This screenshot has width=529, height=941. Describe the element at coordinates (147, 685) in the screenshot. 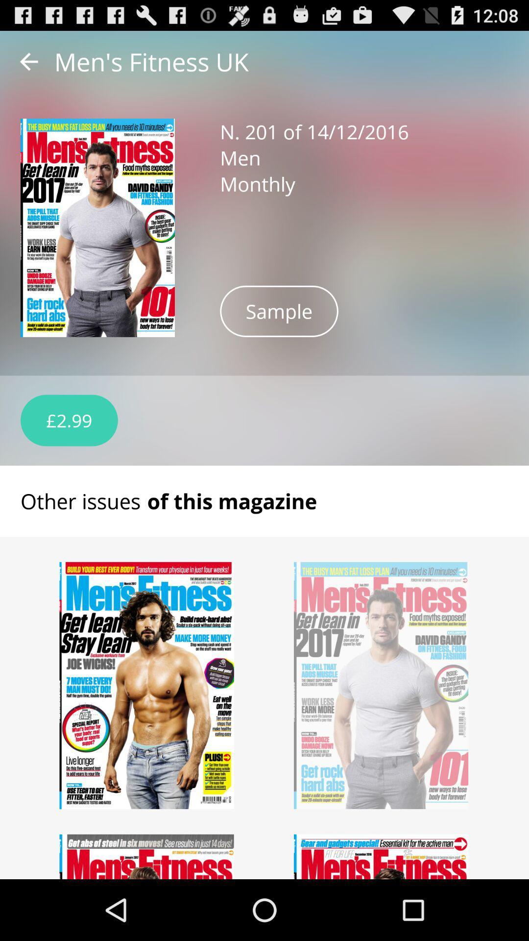

I see `magazine issue` at that location.